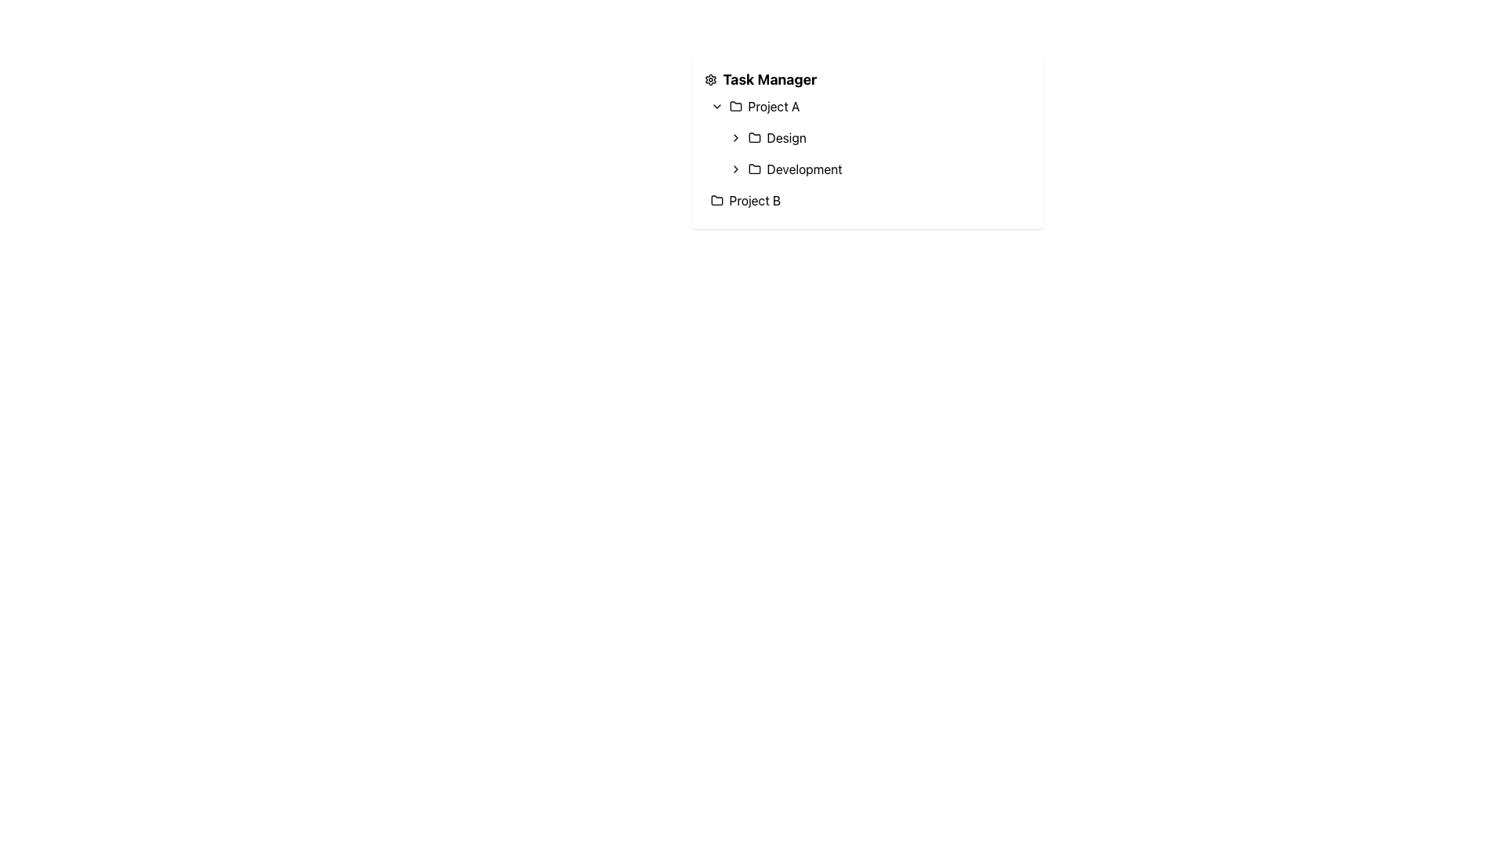 The width and height of the screenshot is (1505, 847). What do you see at coordinates (716, 106) in the screenshot?
I see `the chevron icon located to the left of the 'Project A' text in the Task Manager` at bounding box center [716, 106].